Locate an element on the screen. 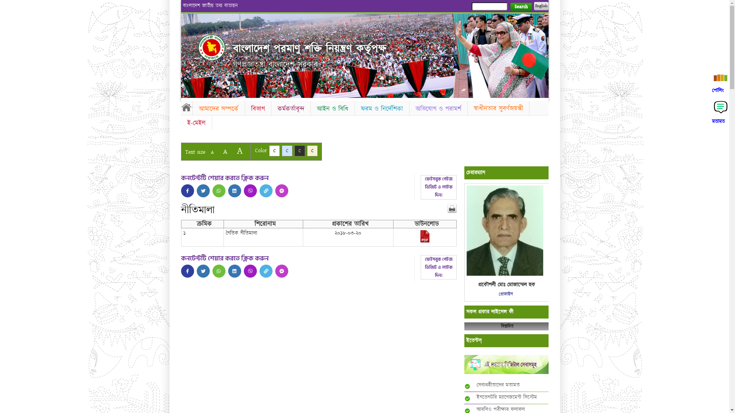 The width and height of the screenshot is (735, 413). 'A' is located at coordinates (224, 151).